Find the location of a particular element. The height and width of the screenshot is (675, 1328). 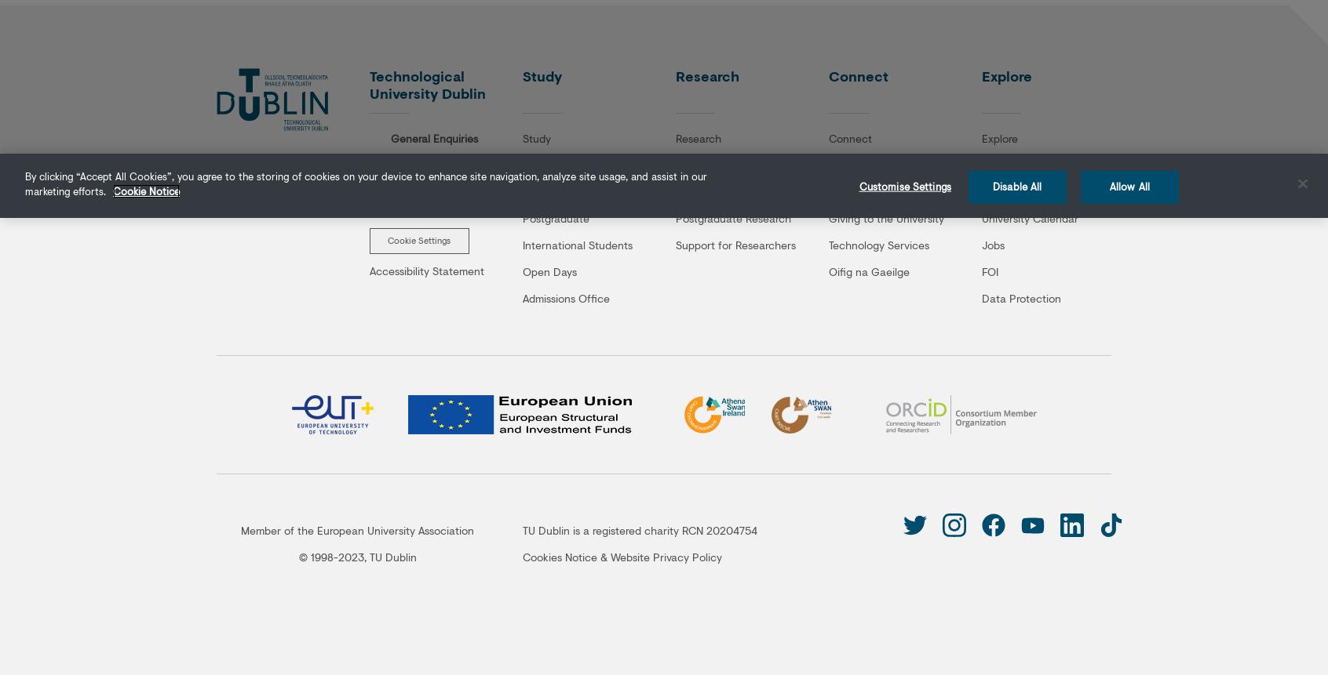

'Undergraduate' is located at coordinates (559, 163).